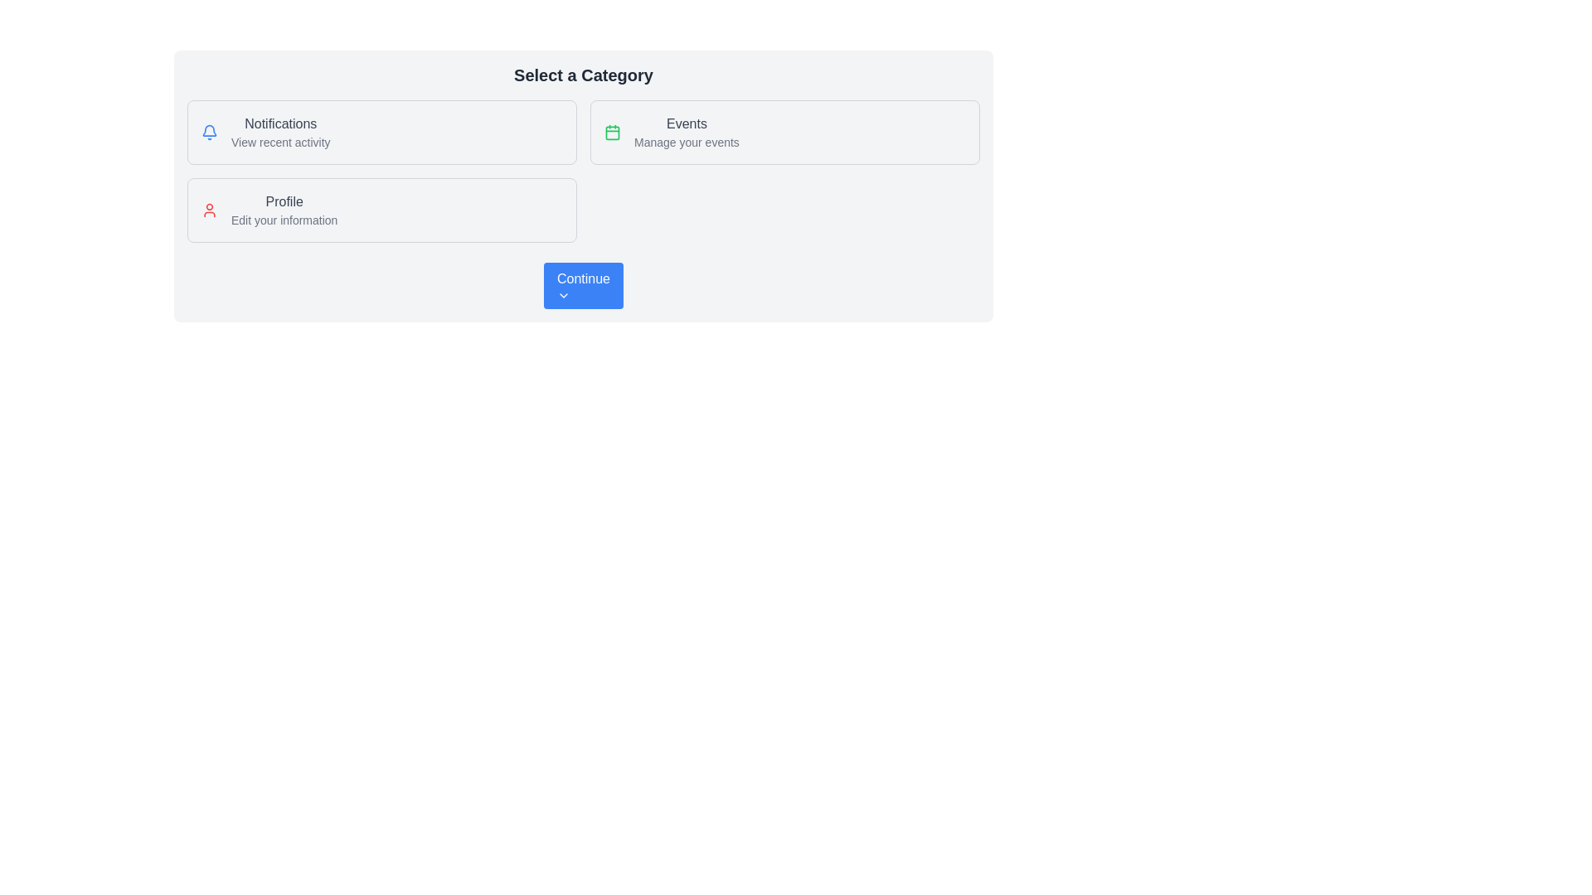 The width and height of the screenshot is (1592, 895). What do you see at coordinates (284, 220) in the screenshot?
I see `the Text label located below the 'Profile' title in the 'Profile' section, which provides additional details about the section` at bounding box center [284, 220].